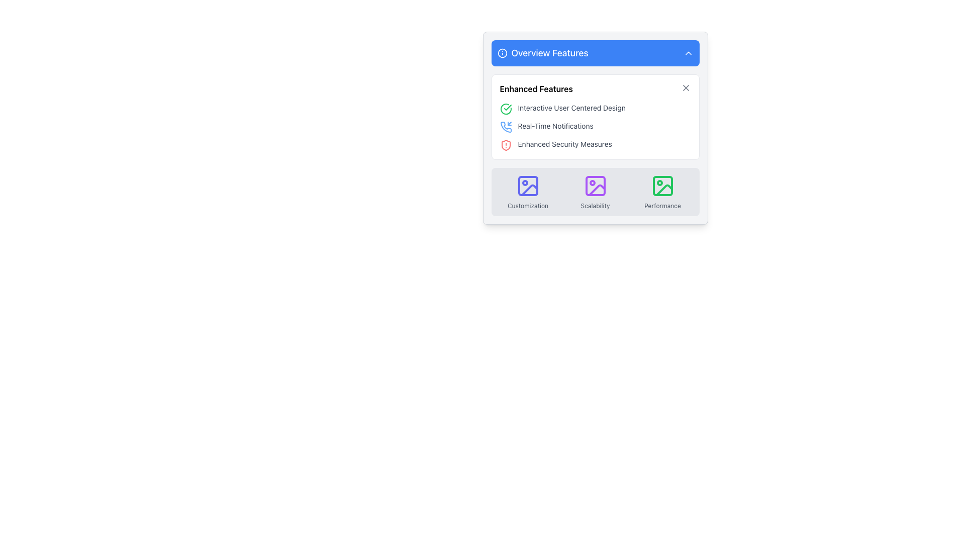  Describe the element at coordinates (662, 186) in the screenshot. I see `the rectangular box with rounded corners located in the center of the 'Performance' icon, which is the last icon in a row of three at the bottom of the interface` at that location.